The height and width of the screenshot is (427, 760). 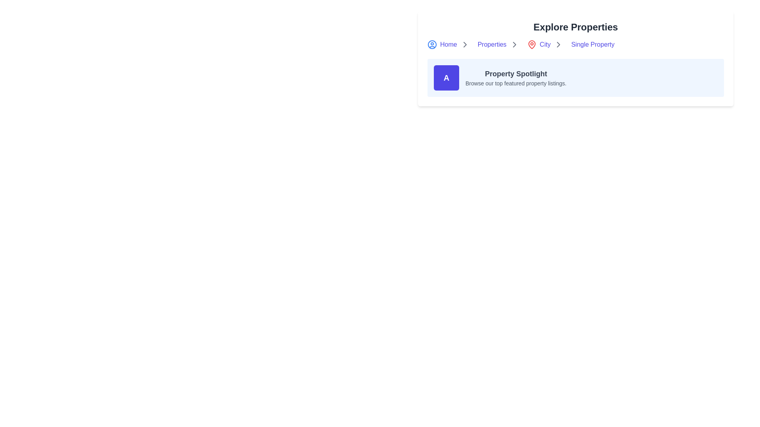 I want to click on the rightward-pointing arrow icon in the breadcrumb navigation bar, located between the 'Properties' and 'City' labels, so click(x=465, y=44).